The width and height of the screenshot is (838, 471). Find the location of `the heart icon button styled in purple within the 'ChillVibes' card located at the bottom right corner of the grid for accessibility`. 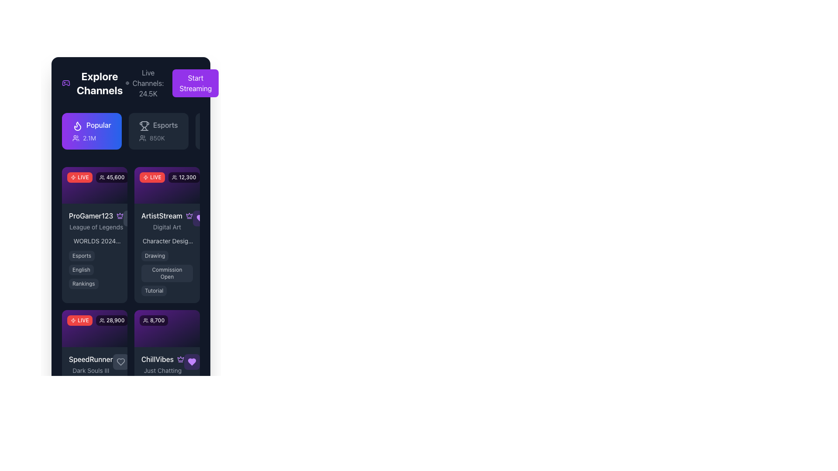

the heart icon button styled in purple within the 'ChillVibes' card located at the bottom right corner of the grid for accessibility is located at coordinates (191, 362).